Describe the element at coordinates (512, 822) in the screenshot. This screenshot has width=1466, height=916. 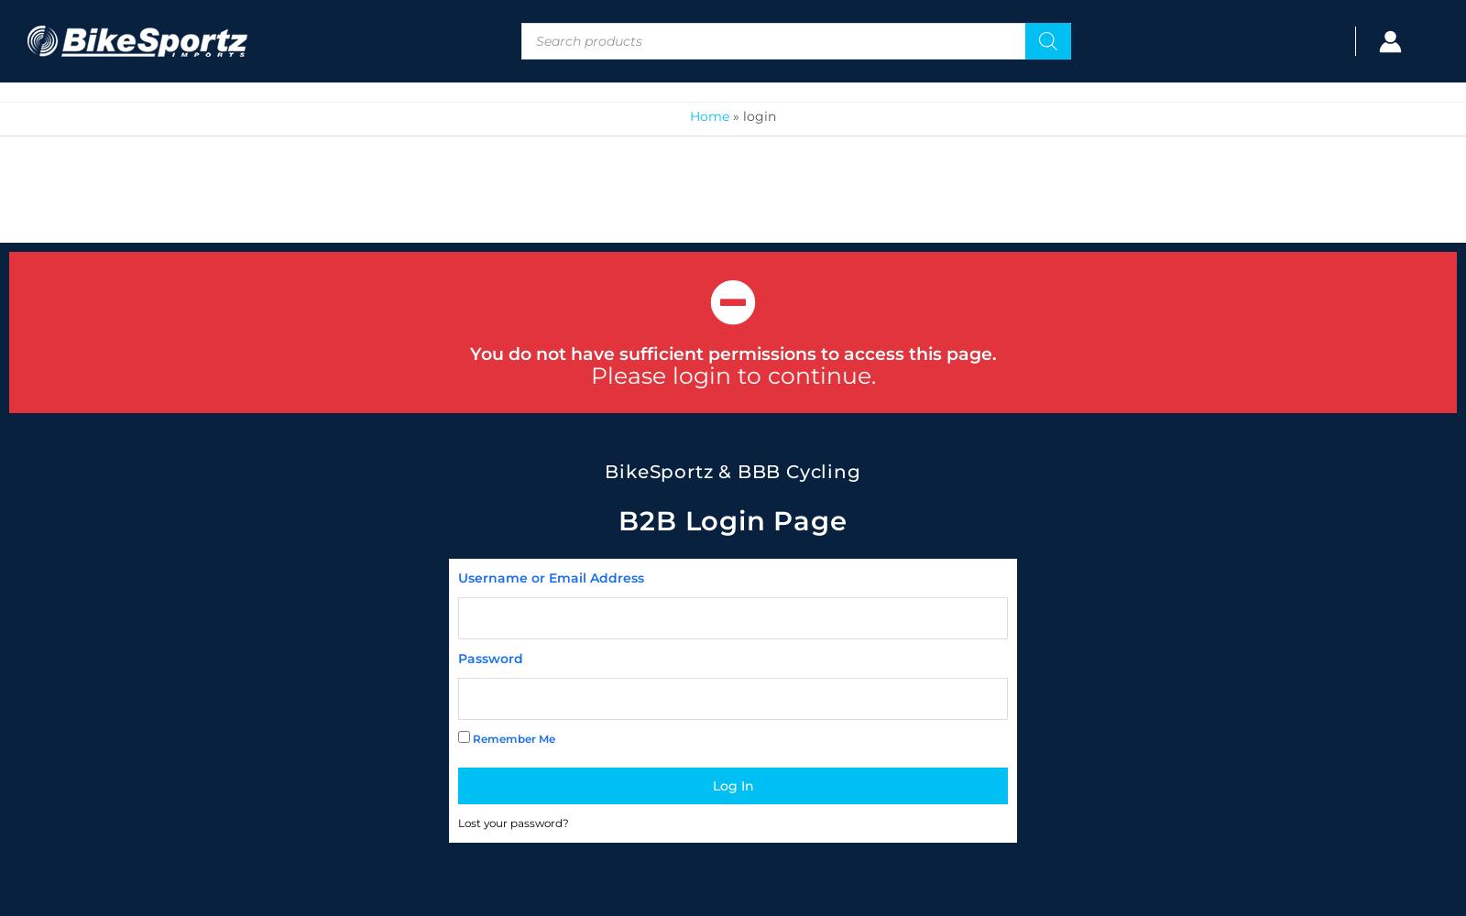
I see `'Lost your password?'` at that location.